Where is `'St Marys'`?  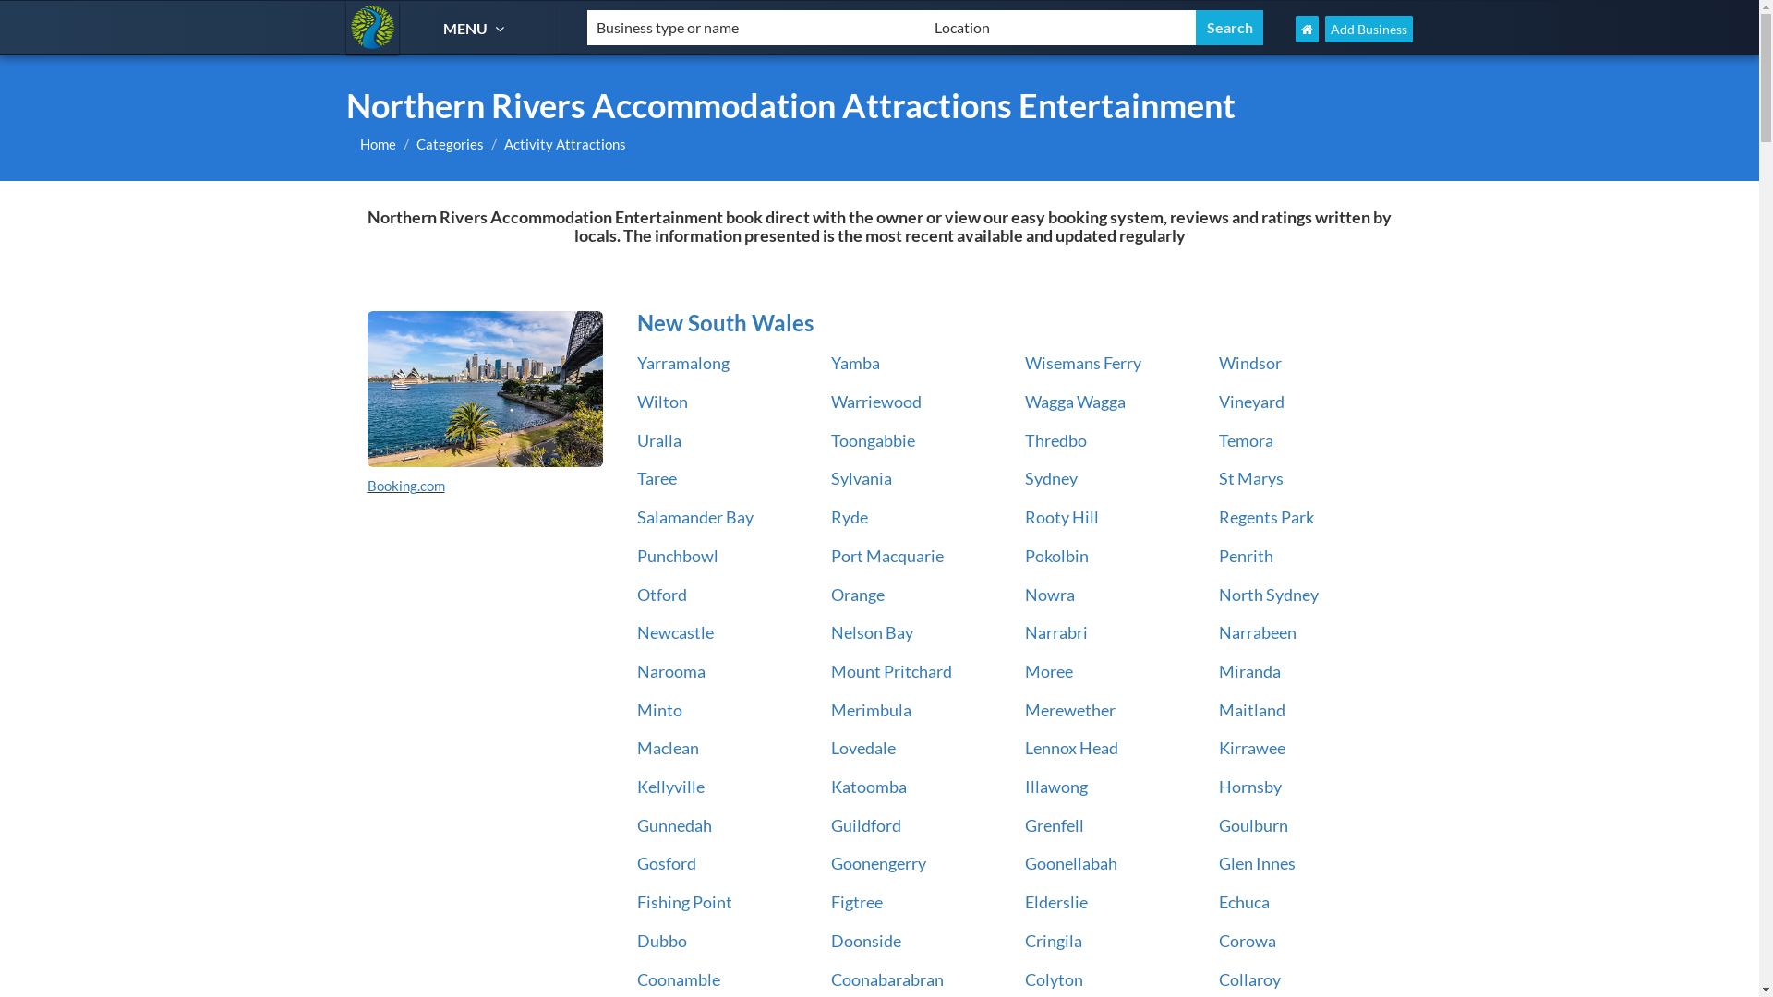
'St Marys' is located at coordinates (1250, 476).